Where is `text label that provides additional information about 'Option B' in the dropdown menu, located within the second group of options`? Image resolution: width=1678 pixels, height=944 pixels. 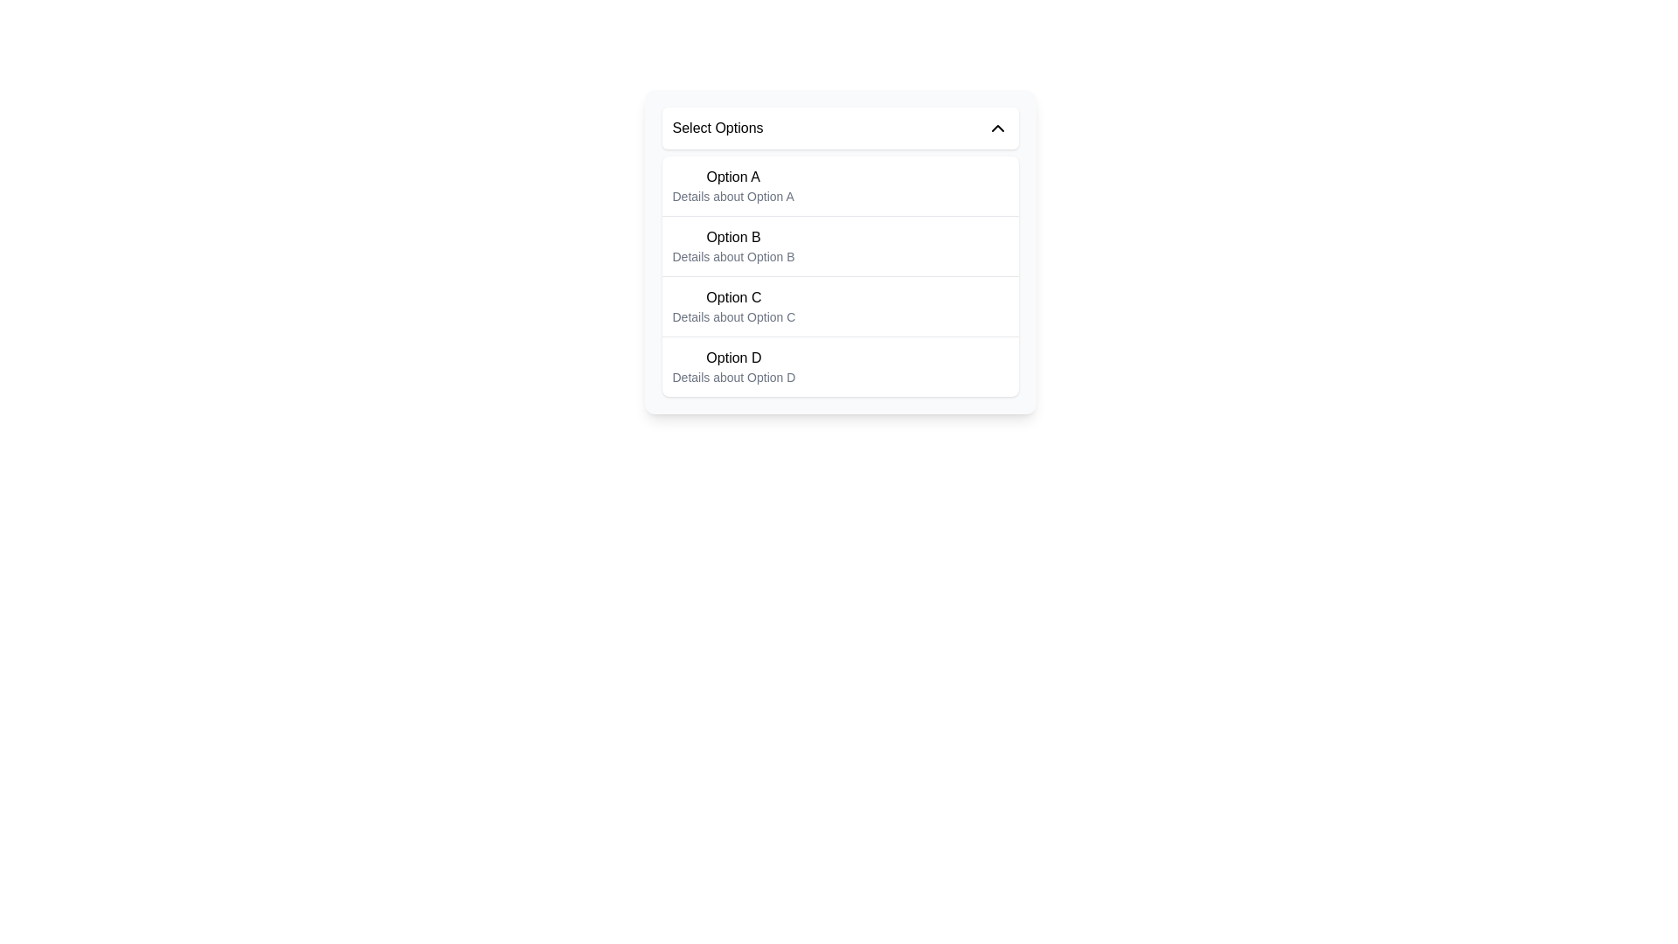
text label that provides additional information about 'Option B' in the dropdown menu, located within the second group of options is located at coordinates (733, 256).